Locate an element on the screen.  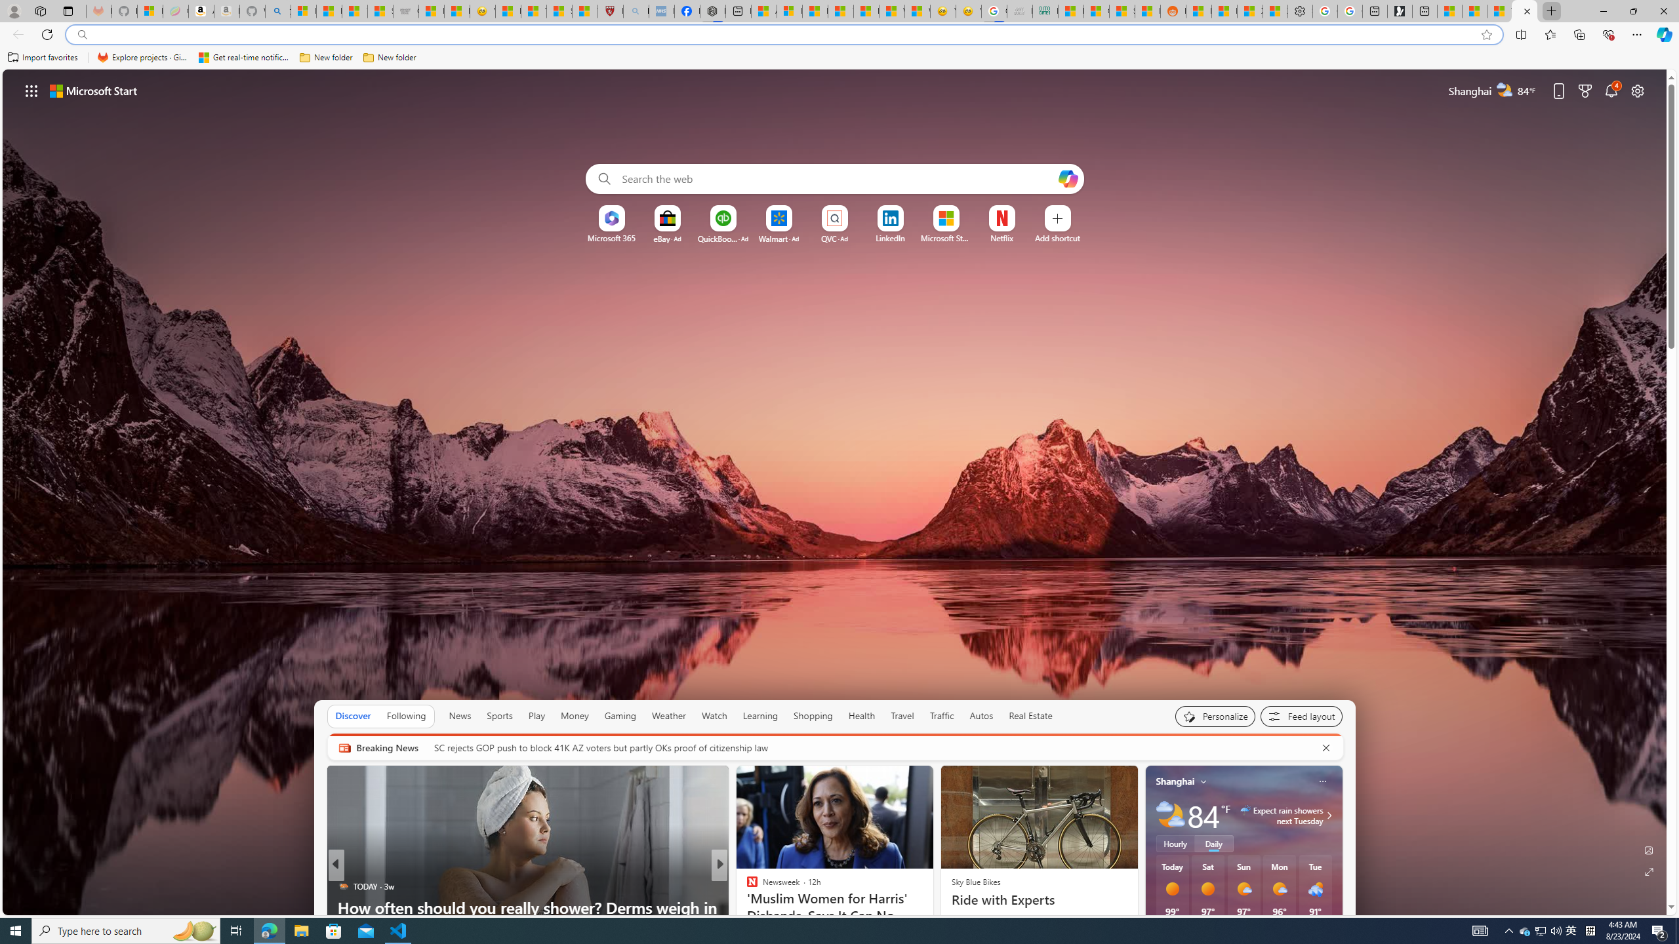
'Play' is located at coordinates (535, 715).